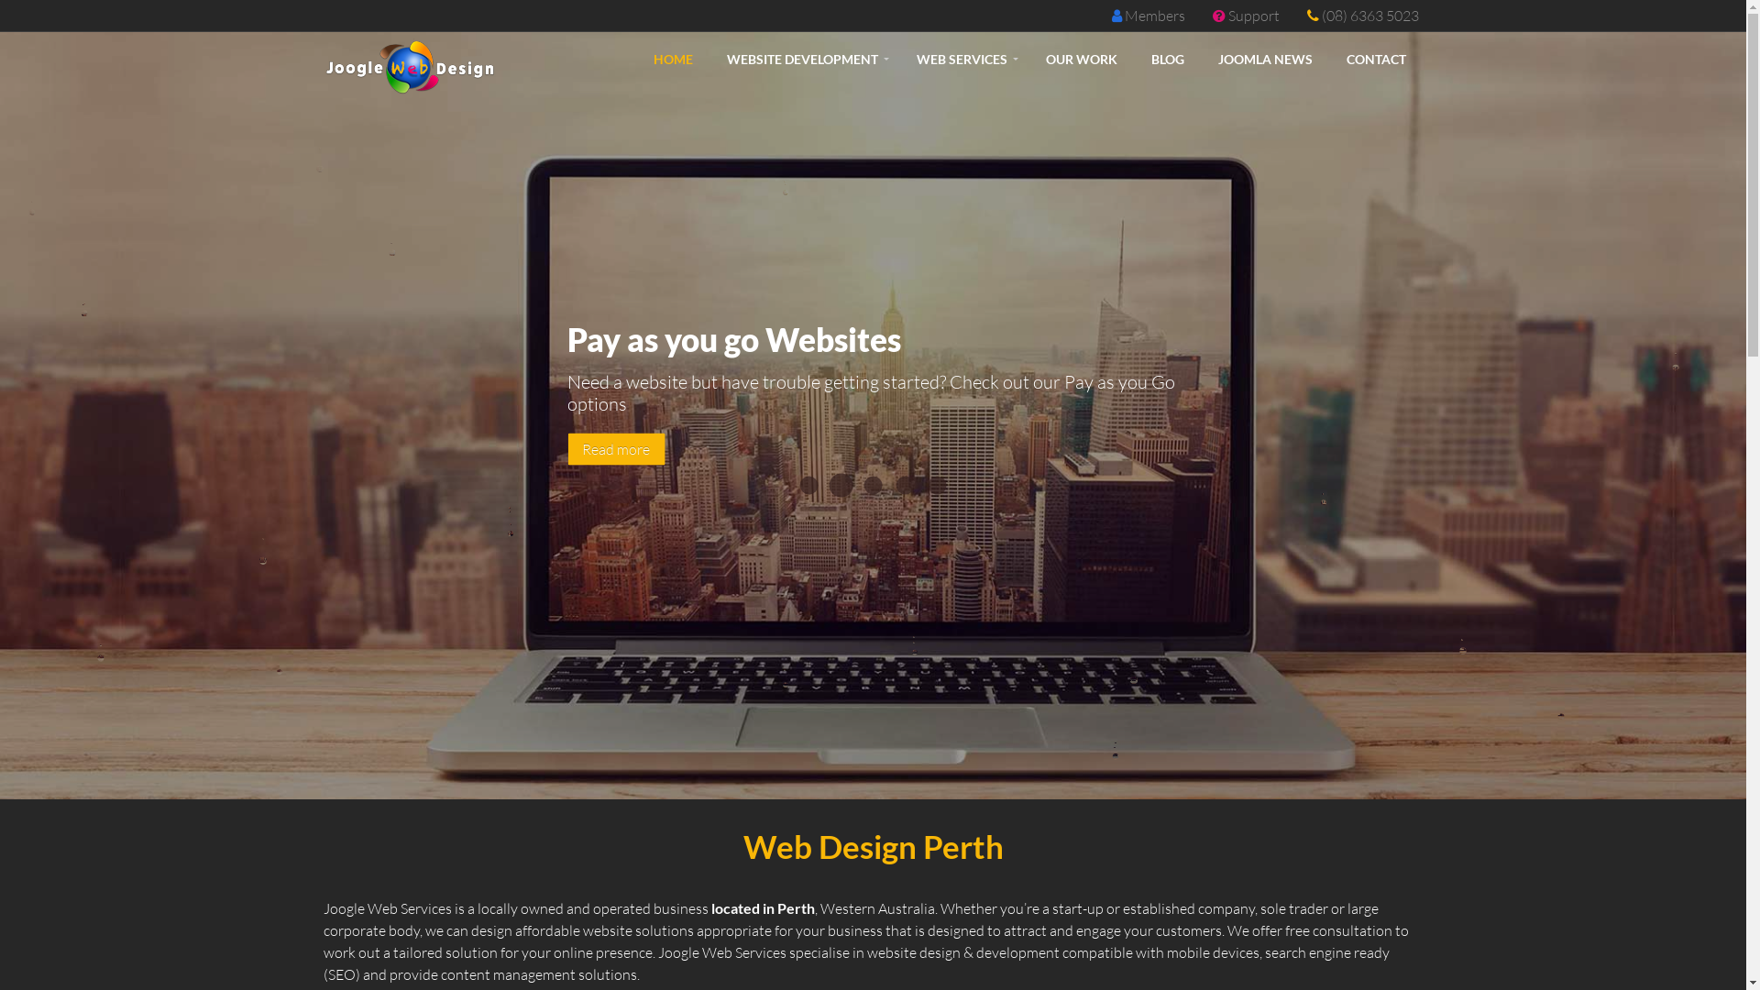  What do you see at coordinates (1375, 59) in the screenshot?
I see `'CONTACT'` at bounding box center [1375, 59].